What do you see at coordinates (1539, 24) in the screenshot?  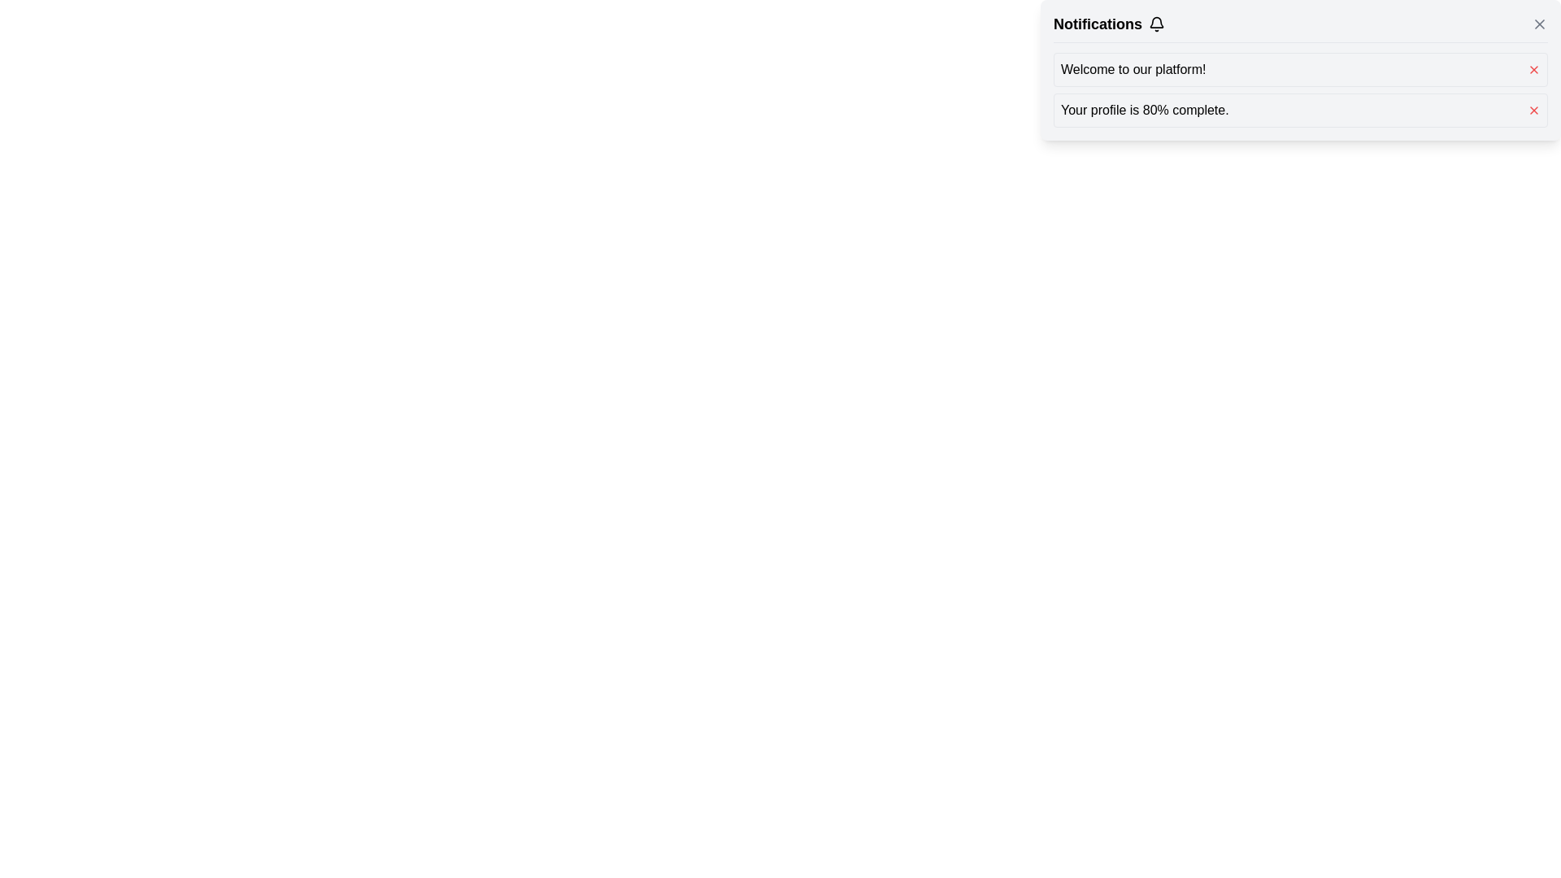 I see `the button located at the top right corner of the 'Notifications' section` at bounding box center [1539, 24].